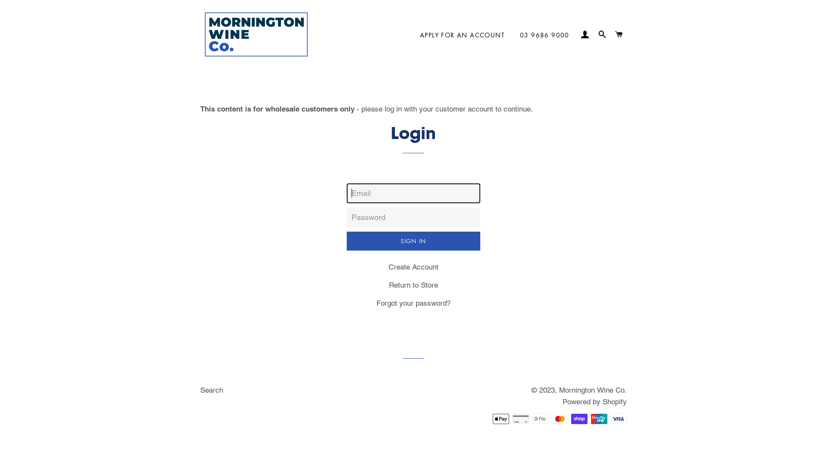 The image size is (827, 465). What do you see at coordinates (413, 303) in the screenshot?
I see `'Forgot your password?'` at bounding box center [413, 303].